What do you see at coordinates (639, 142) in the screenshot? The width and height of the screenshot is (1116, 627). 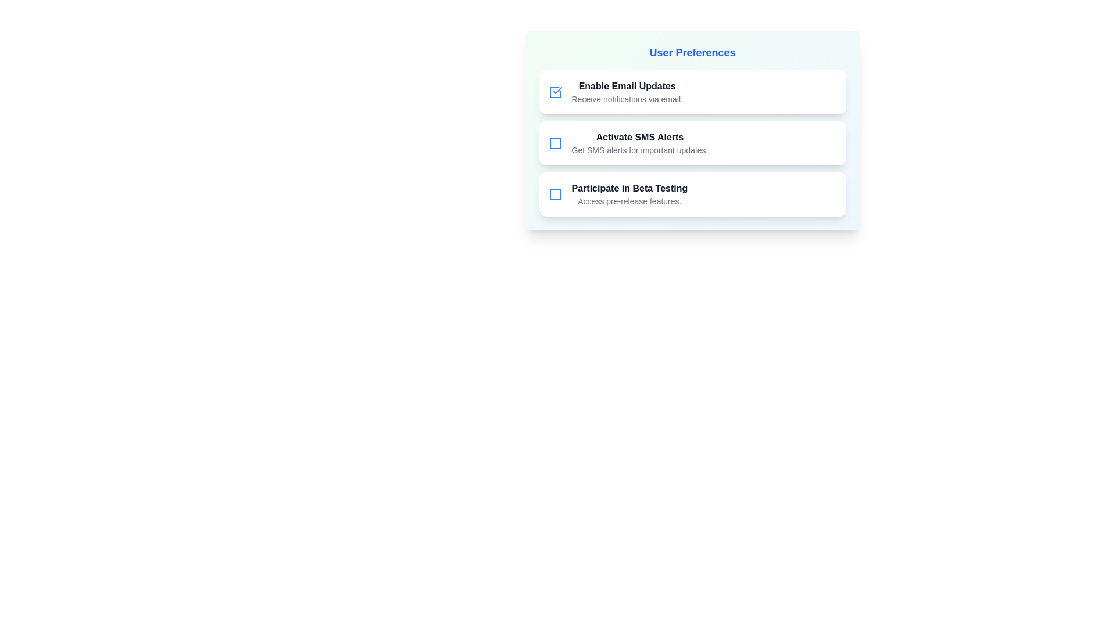 I see `the checkbox associated with the 'Activate SMS Alerts' text label` at bounding box center [639, 142].